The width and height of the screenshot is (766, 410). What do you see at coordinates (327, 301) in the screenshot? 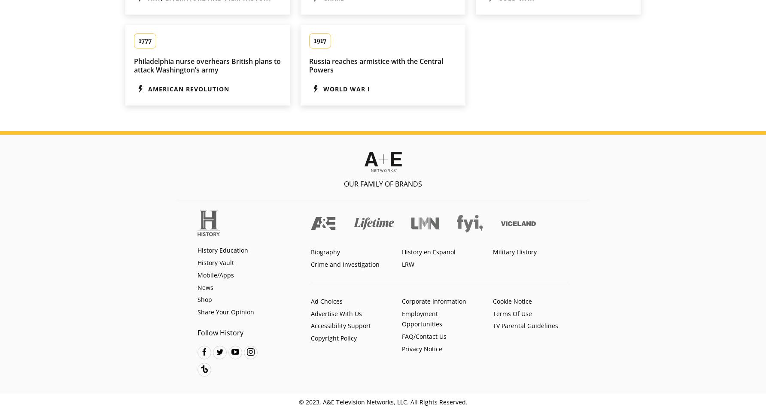
I see `'Ad Choices'` at bounding box center [327, 301].